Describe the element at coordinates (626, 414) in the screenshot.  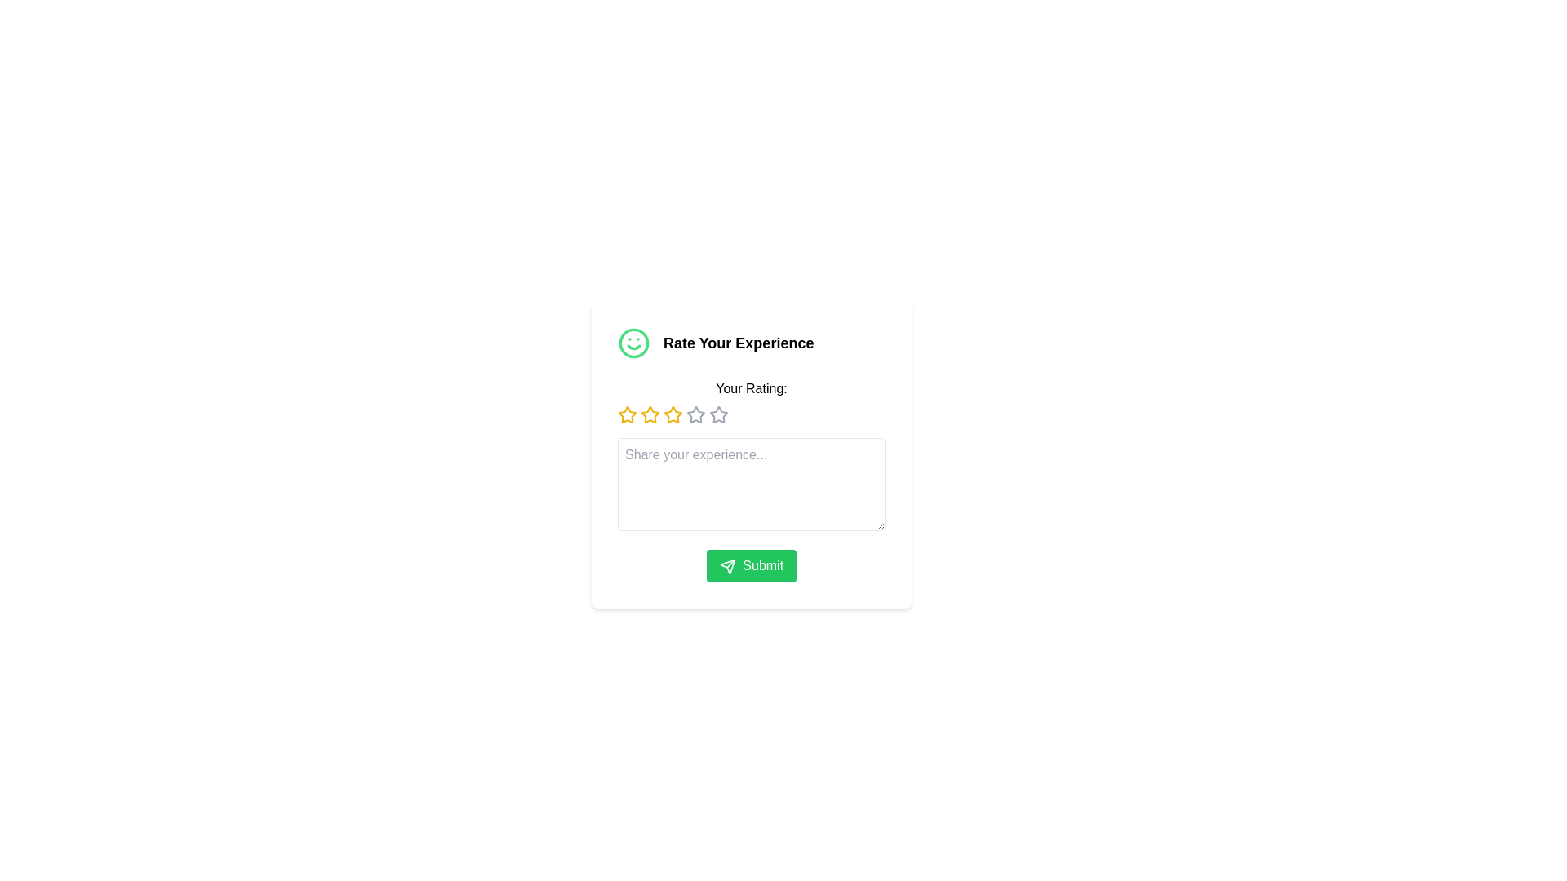
I see `the first star` at that location.